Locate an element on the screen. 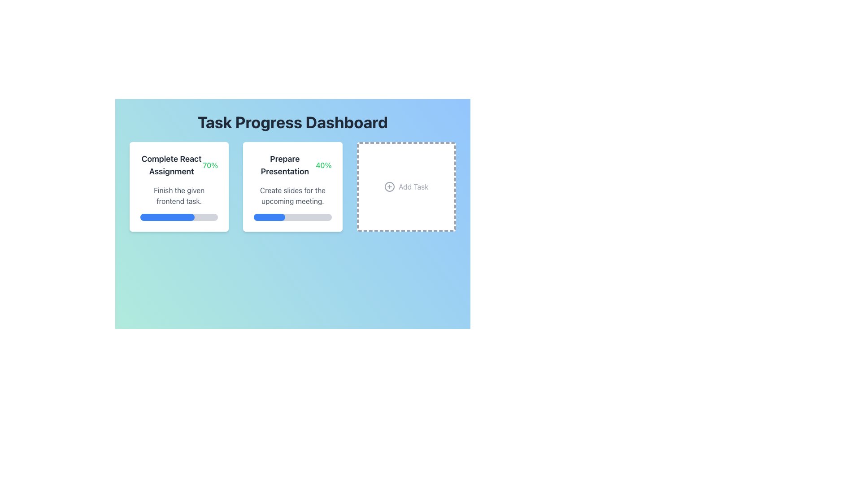 The width and height of the screenshot is (861, 484). the blue Progress Indicator located within the 'Prepare Presentation' card, which is a horizontally oriented bar indicating progress, positioned centrally below the card's textual description is located at coordinates (269, 217).